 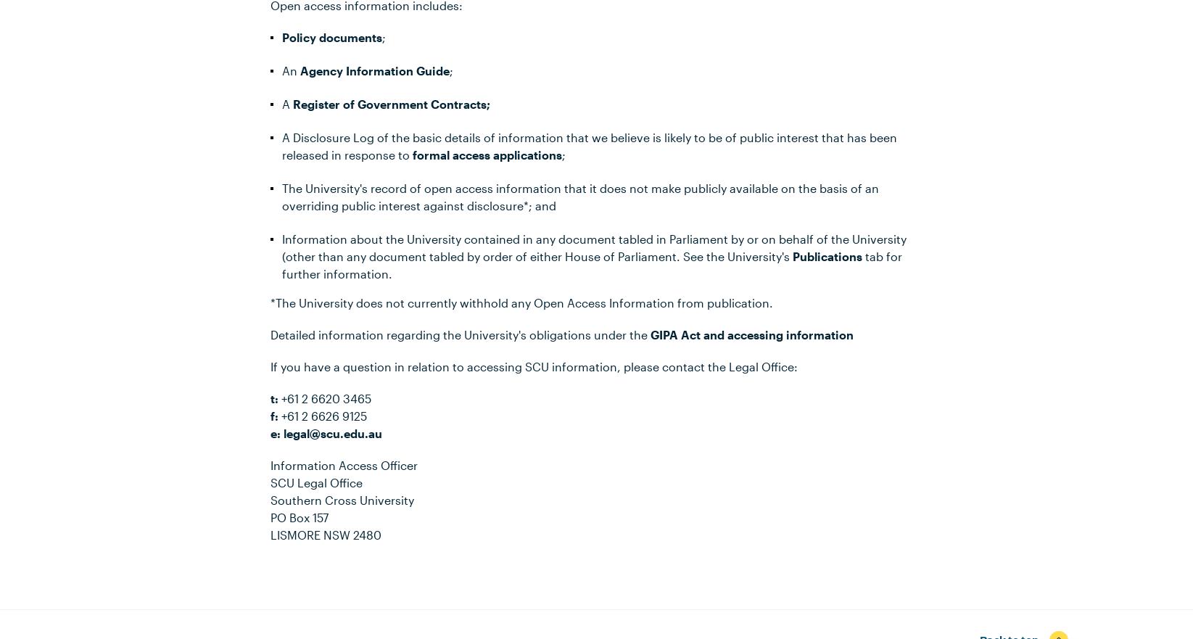 What do you see at coordinates (268, 464) in the screenshot?
I see `'Information Access Officer'` at bounding box center [268, 464].